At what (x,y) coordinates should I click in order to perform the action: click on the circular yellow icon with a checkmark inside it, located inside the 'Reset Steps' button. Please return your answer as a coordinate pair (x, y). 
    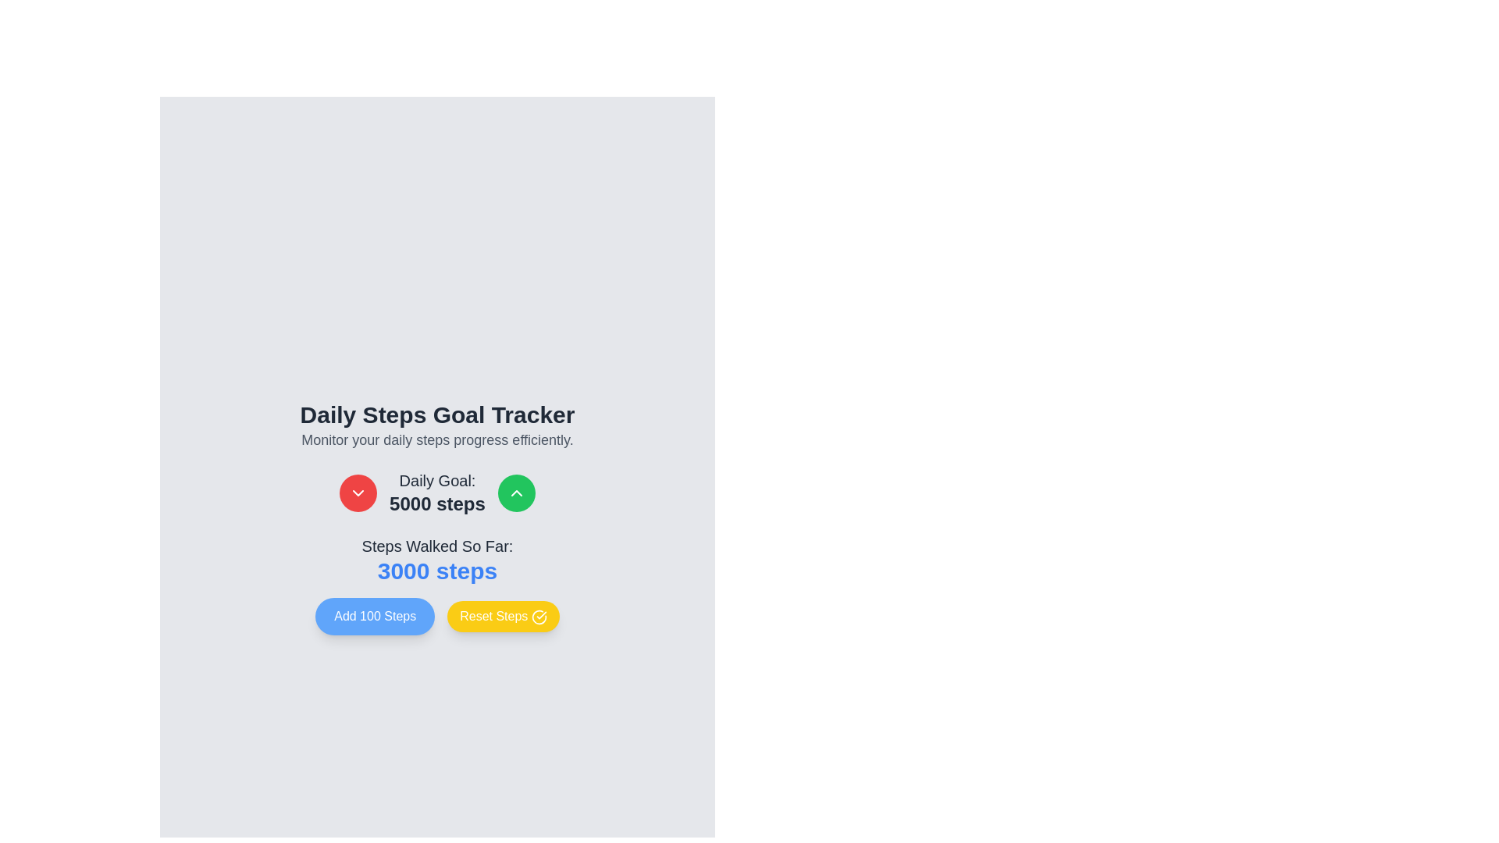
    Looking at the image, I should click on (539, 616).